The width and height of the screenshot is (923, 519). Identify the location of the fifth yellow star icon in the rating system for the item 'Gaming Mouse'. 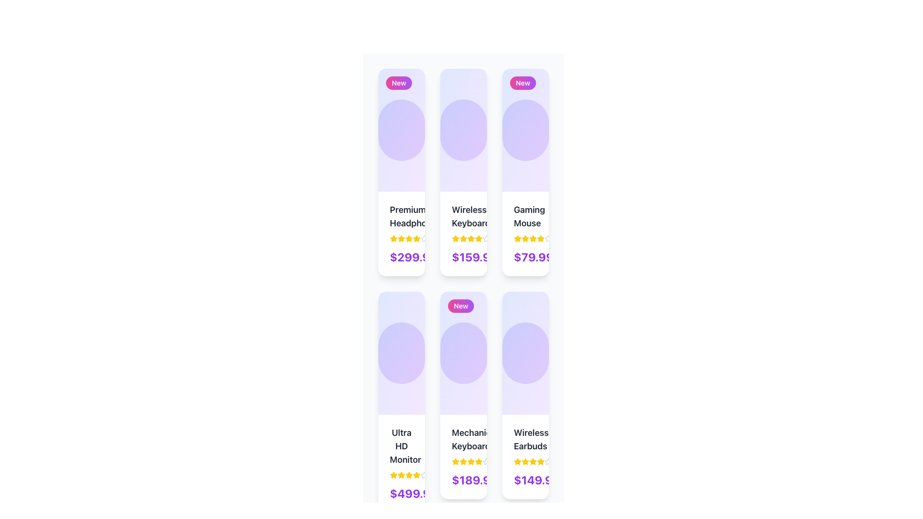
(532, 238).